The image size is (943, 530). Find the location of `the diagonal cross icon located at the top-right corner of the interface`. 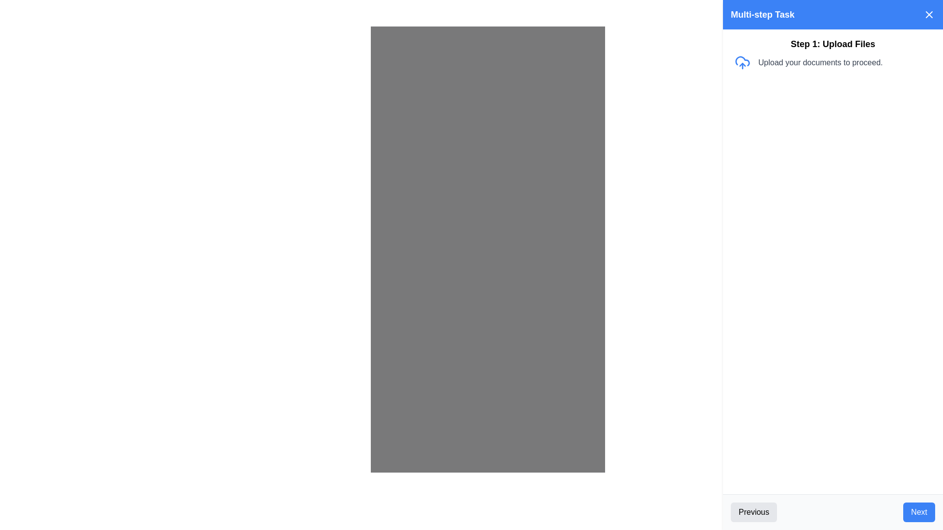

the diagonal cross icon located at the top-right corner of the interface is located at coordinates (928, 15).